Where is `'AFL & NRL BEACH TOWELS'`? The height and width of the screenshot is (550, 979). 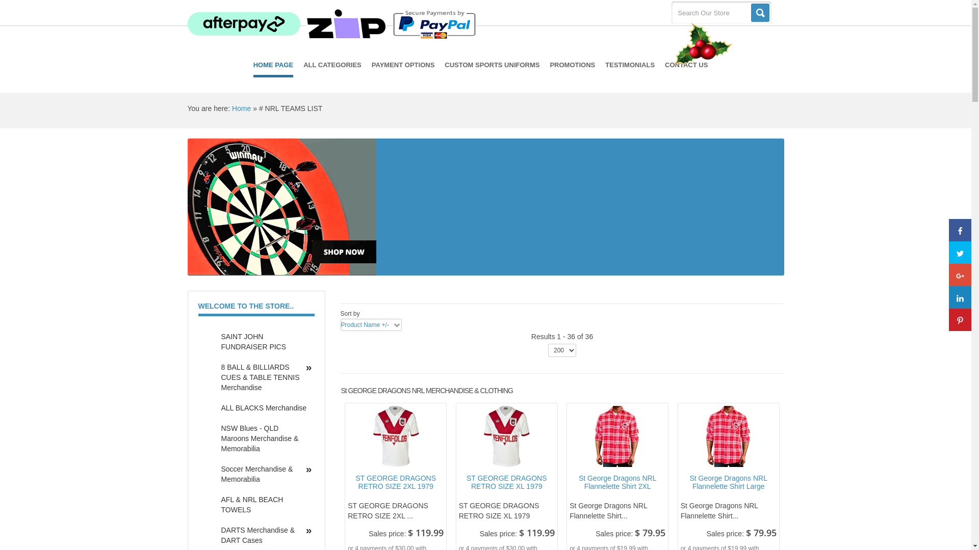
'AFL & NRL BEACH TOWELS' is located at coordinates (264, 505).